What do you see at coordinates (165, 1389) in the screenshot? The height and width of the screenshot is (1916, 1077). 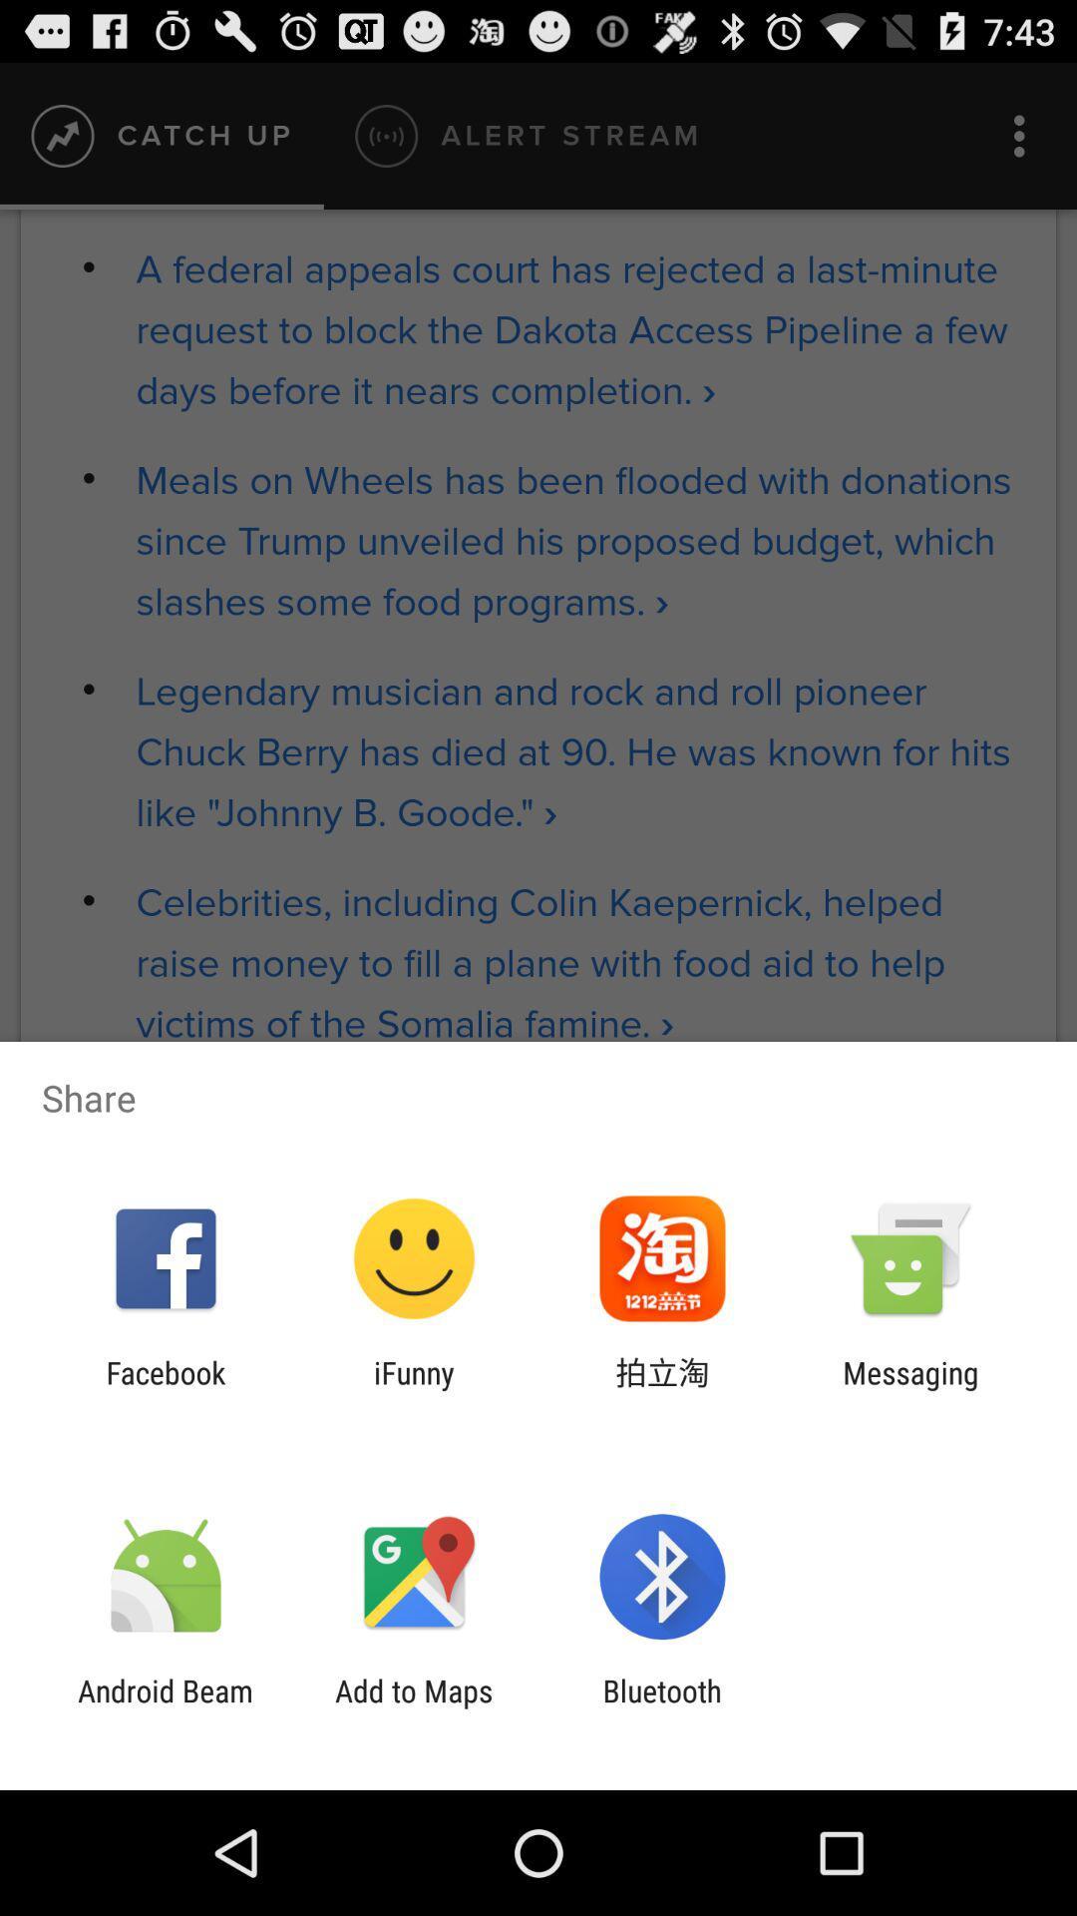 I see `facebook` at bounding box center [165, 1389].